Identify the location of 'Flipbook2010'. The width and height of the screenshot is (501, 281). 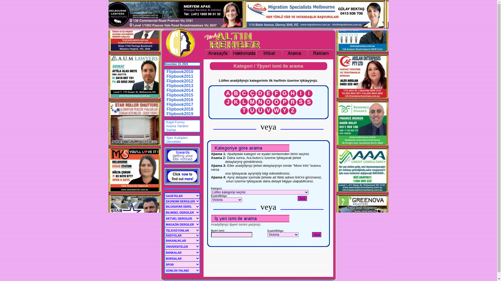
(180, 72).